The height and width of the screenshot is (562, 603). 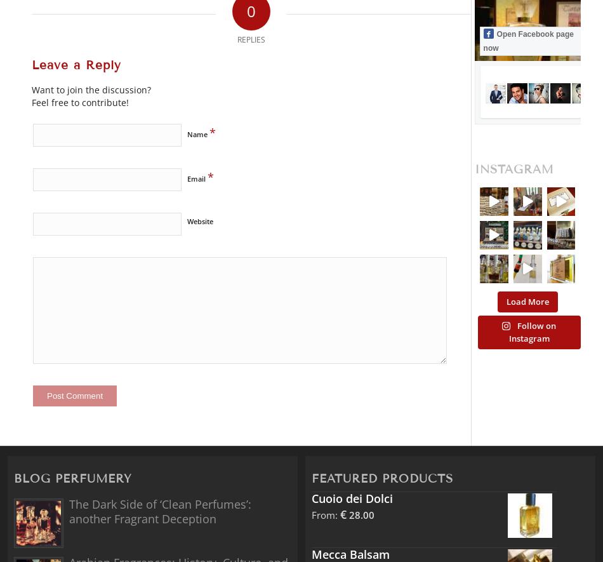 What do you see at coordinates (197, 133) in the screenshot?
I see `'Name'` at bounding box center [197, 133].